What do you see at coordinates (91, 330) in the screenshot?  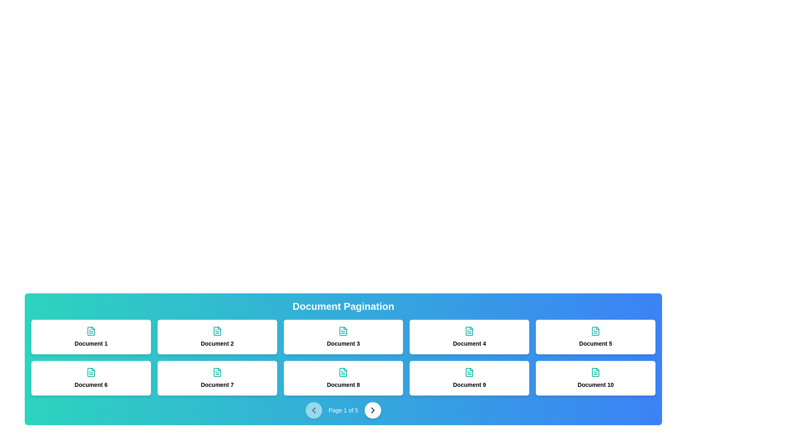 I see `the document icon located inside the card labeled 'Document 1', positioned at the top-left corner above the text label` at bounding box center [91, 330].